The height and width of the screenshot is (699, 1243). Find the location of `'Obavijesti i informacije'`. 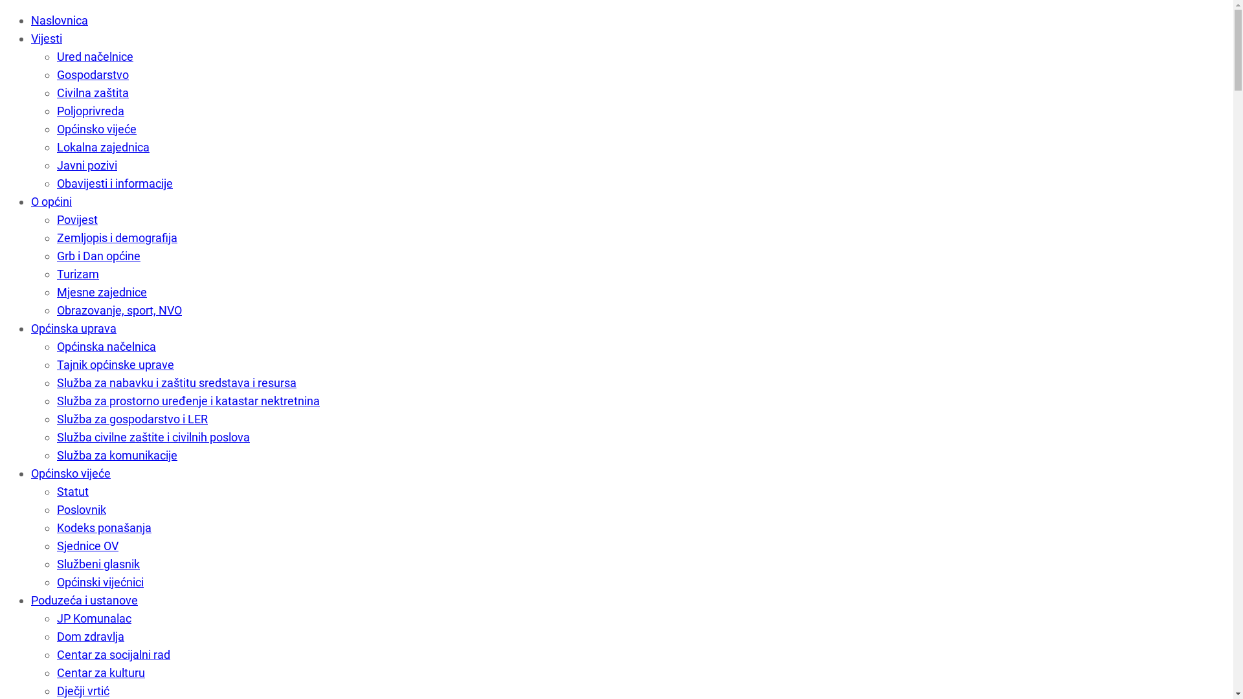

'Obavijesti i informacije' is located at coordinates (115, 183).